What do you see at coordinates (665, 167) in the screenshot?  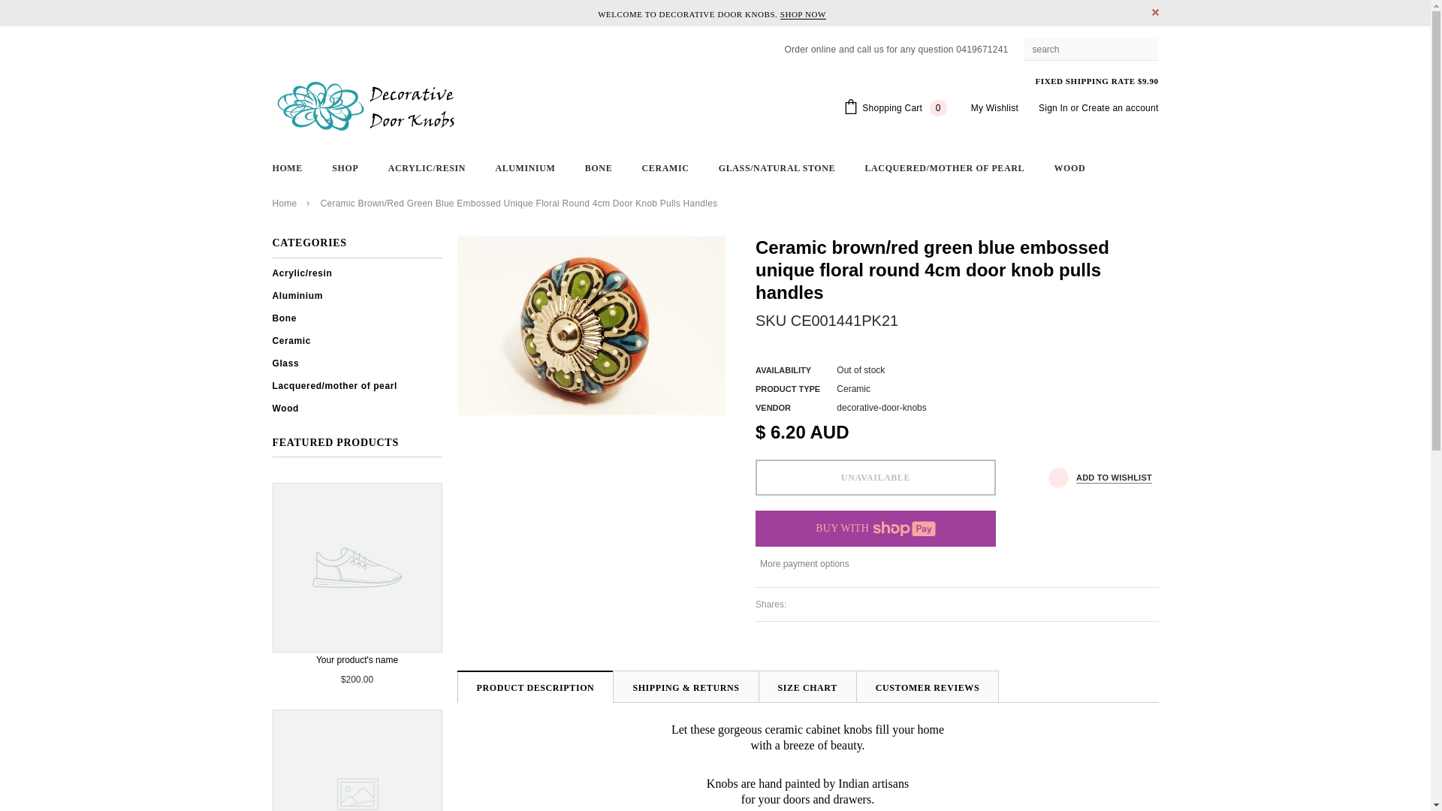 I see `'CERAMIC'` at bounding box center [665, 167].